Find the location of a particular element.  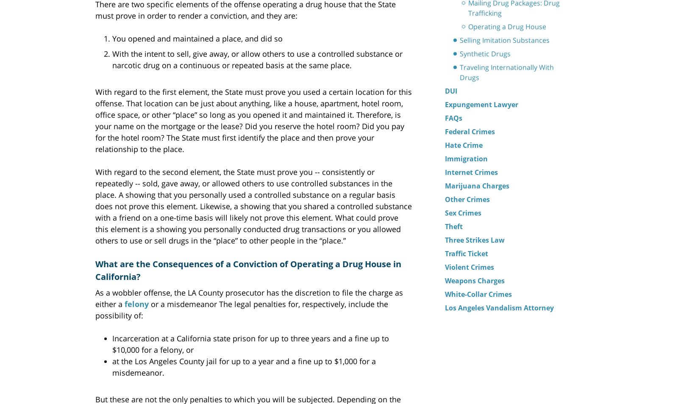

'What are the Consequences of a Conviction of Operating a Drug House in California?' is located at coordinates (95, 269).